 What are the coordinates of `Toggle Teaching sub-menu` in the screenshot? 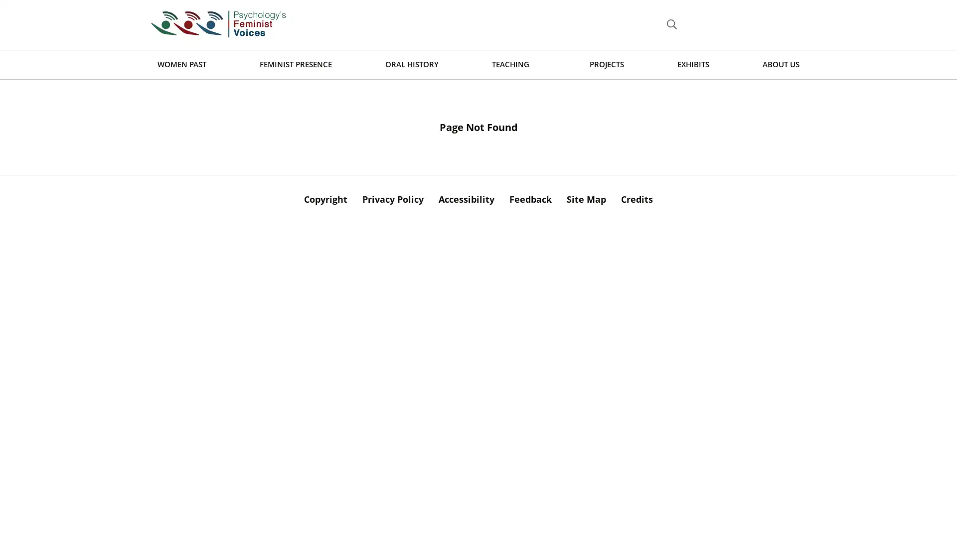 It's located at (537, 64).